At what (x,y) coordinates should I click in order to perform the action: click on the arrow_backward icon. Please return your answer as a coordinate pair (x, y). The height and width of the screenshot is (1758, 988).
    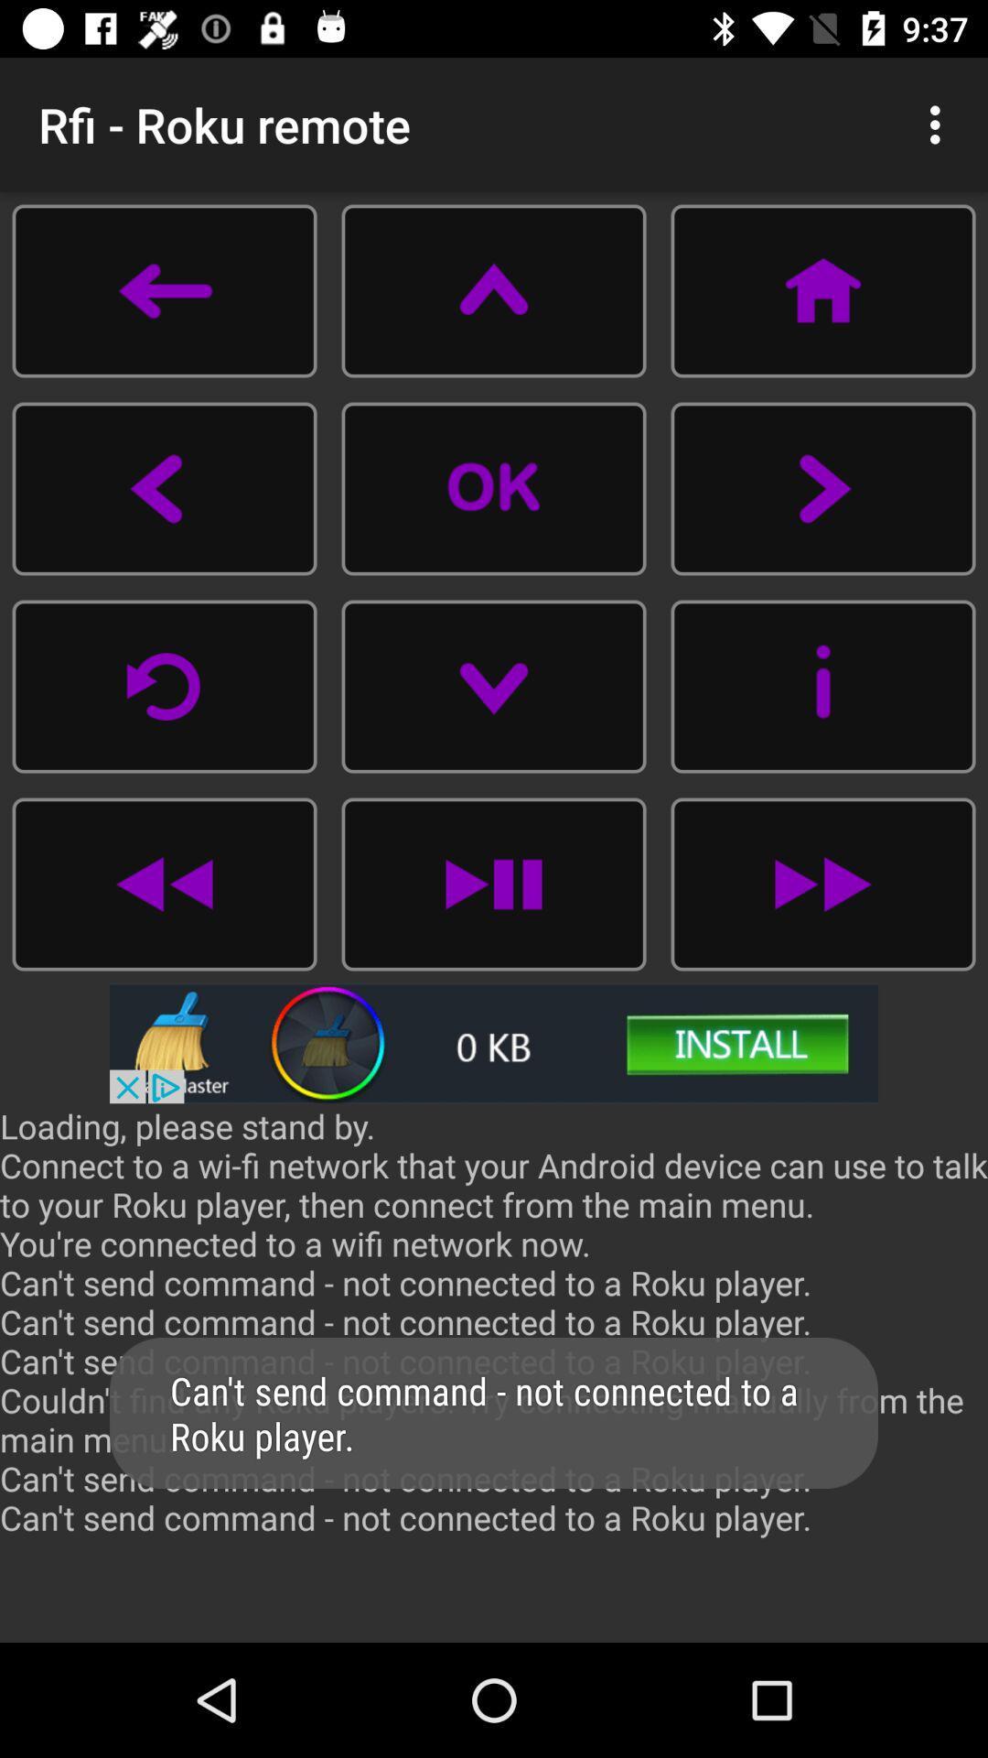
    Looking at the image, I should click on (165, 488).